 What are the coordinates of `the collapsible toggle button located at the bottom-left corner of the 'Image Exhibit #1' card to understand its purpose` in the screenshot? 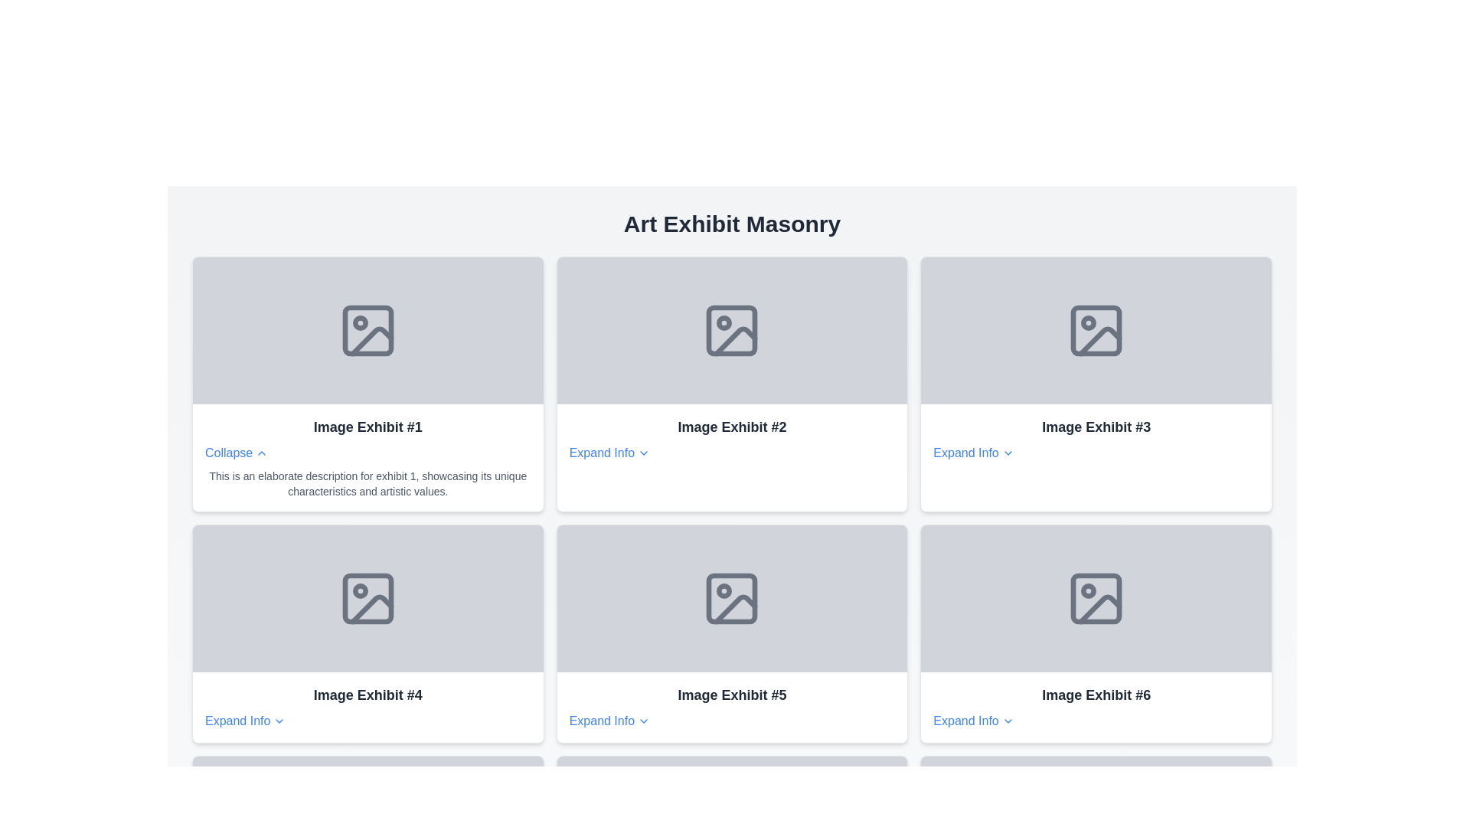 It's located at (236, 452).